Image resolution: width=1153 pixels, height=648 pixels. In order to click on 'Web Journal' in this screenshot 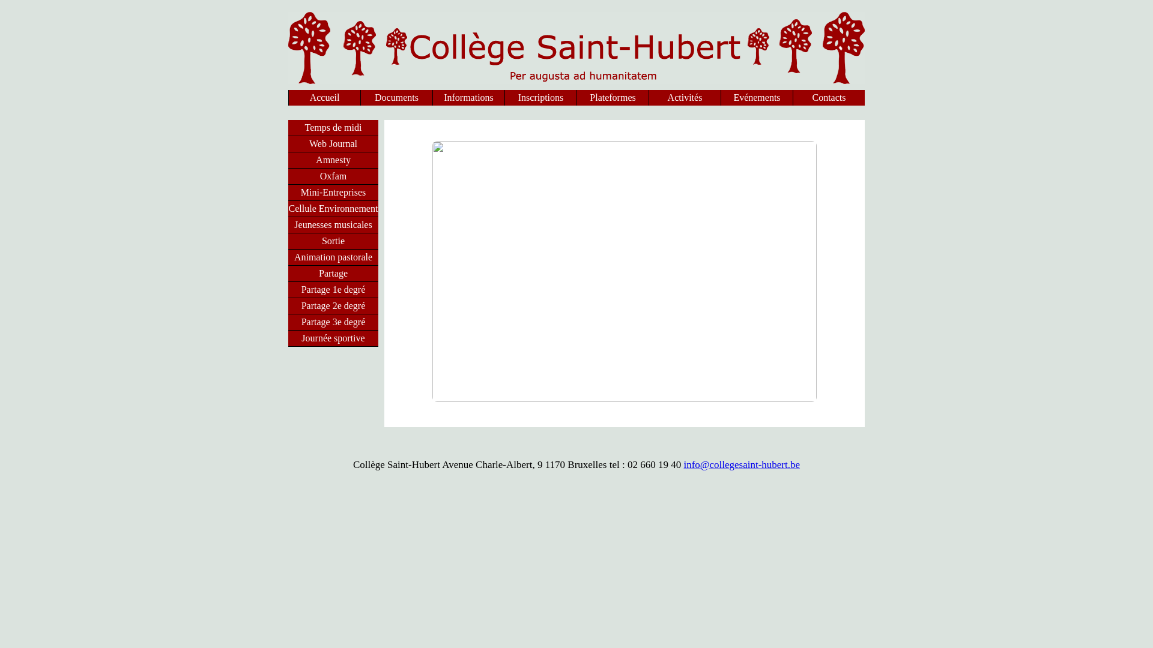, I will do `click(288, 143)`.